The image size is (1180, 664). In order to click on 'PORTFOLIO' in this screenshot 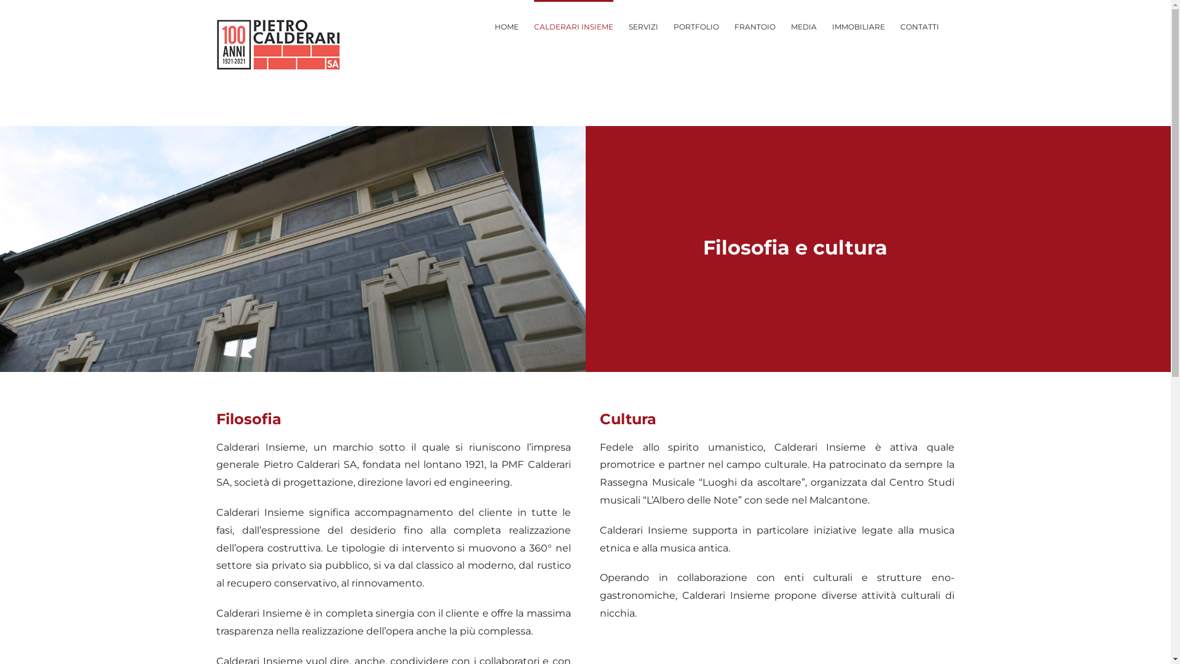, I will do `click(696, 26)`.